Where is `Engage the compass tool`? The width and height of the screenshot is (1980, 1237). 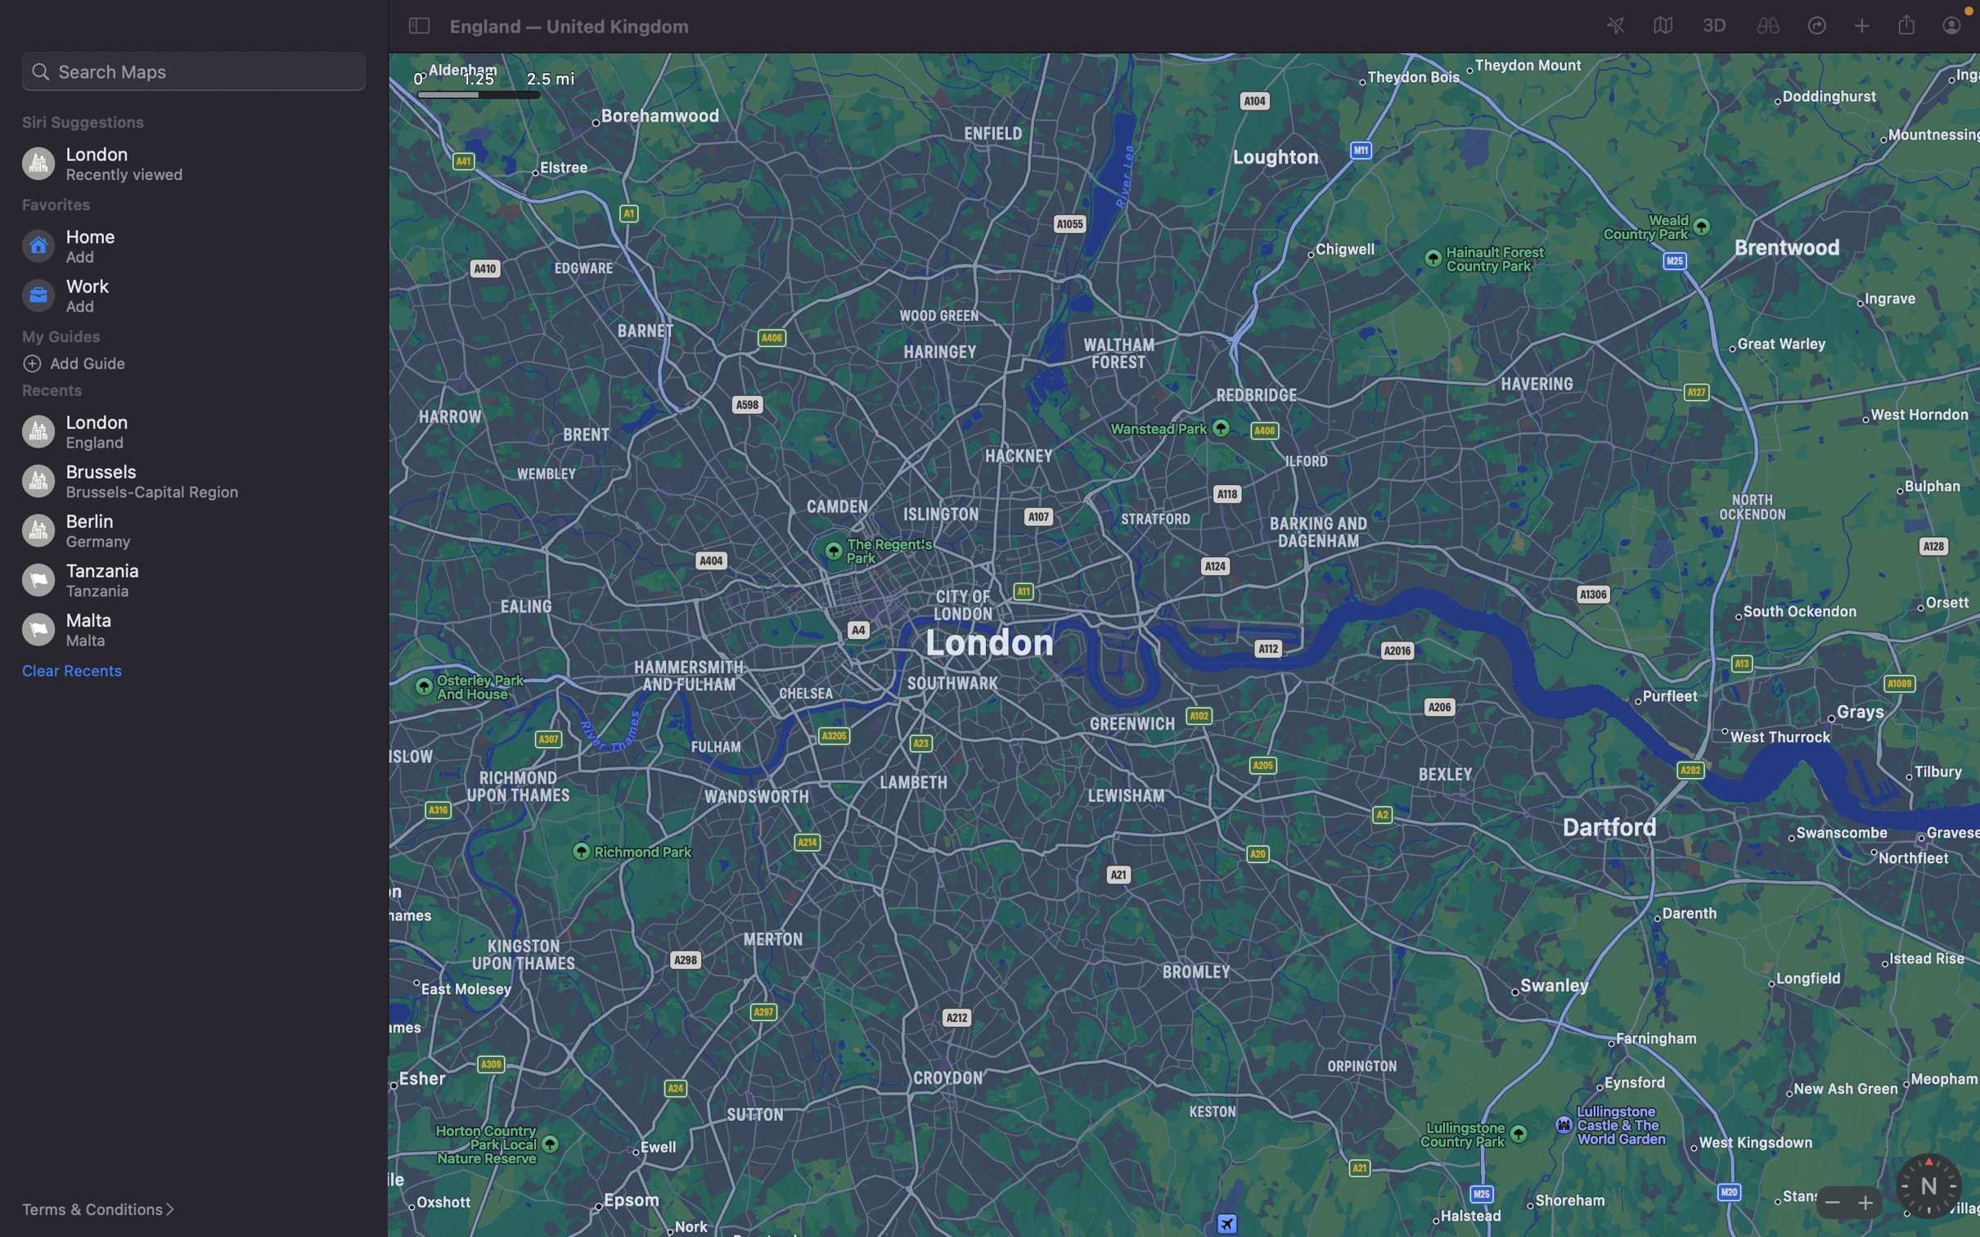
Engage the compass tool is located at coordinates (1928, 1185).